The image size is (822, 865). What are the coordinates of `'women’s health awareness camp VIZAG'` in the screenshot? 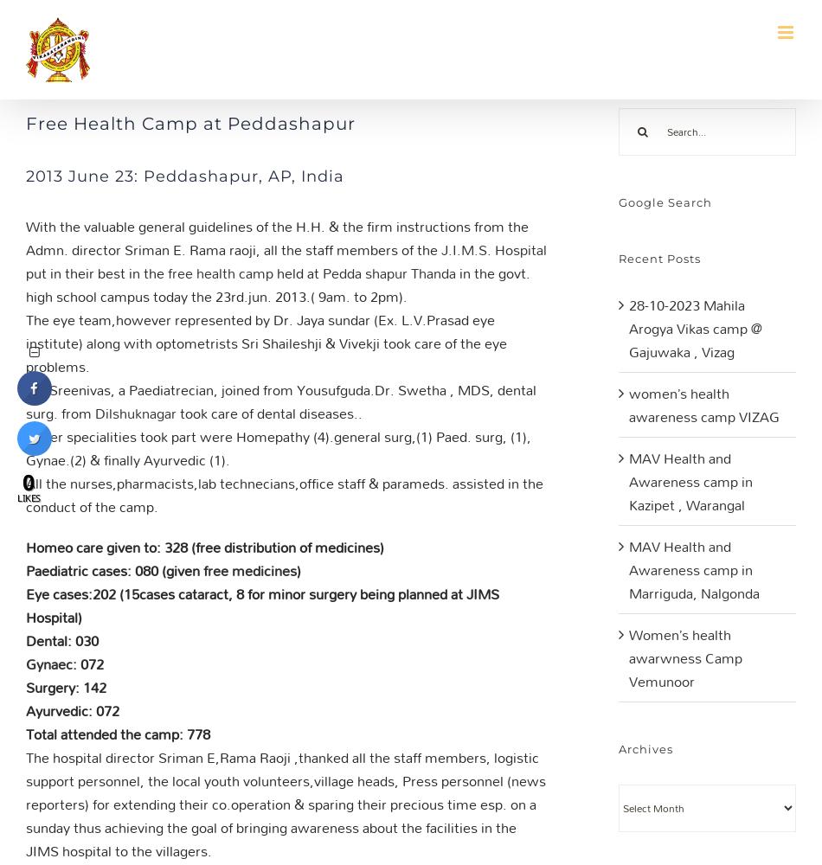 It's located at (628, 404).